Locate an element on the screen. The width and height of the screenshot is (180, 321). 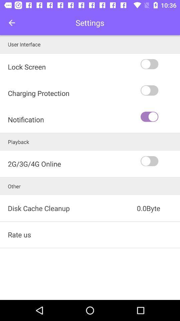
the icon next to the 2g 3g 4g icon is located at coordinates (159, 161).